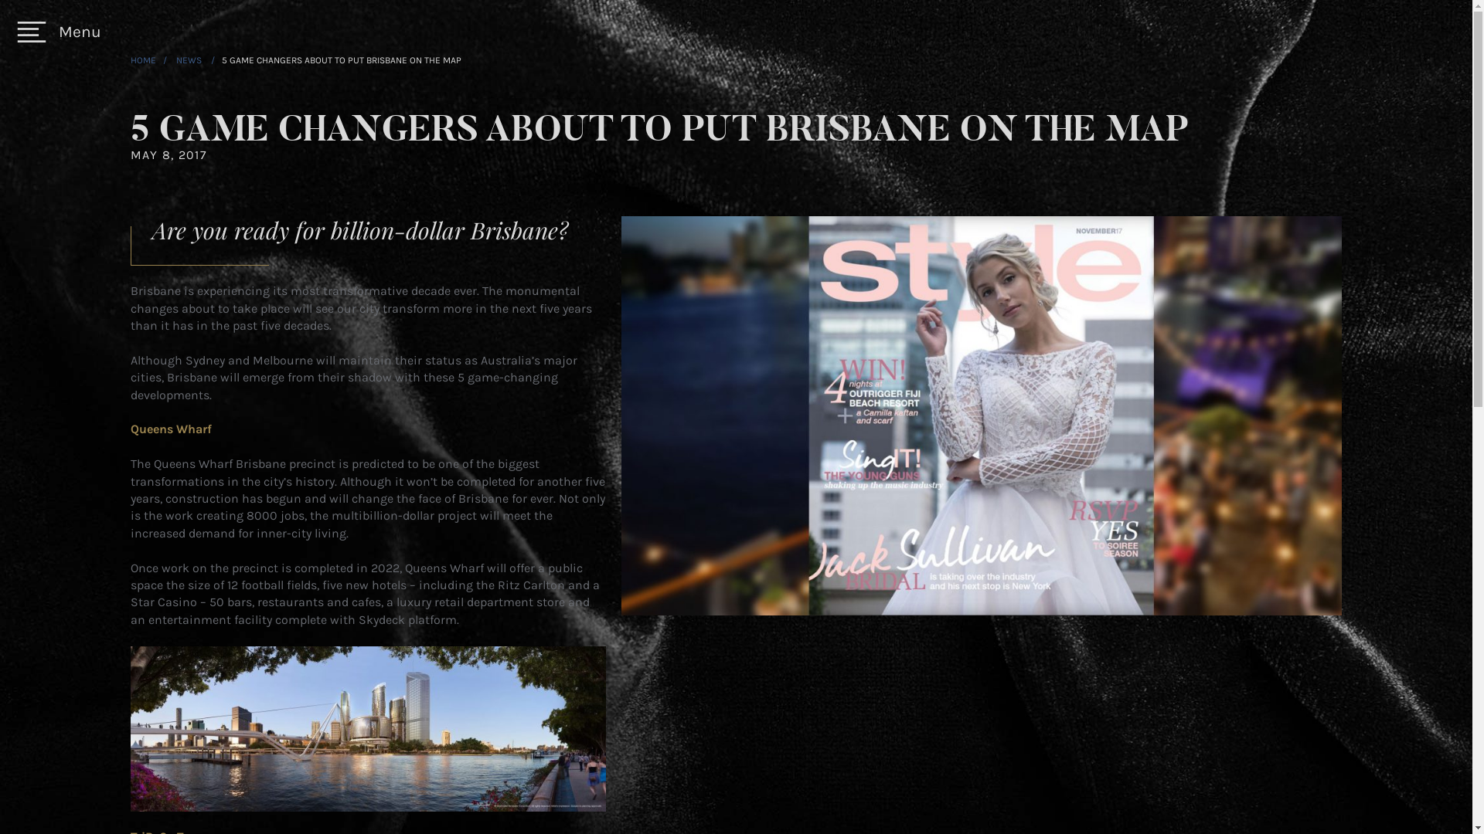 The image size is (1484, 834). I want to click on 'HOME', so click(143, 59).